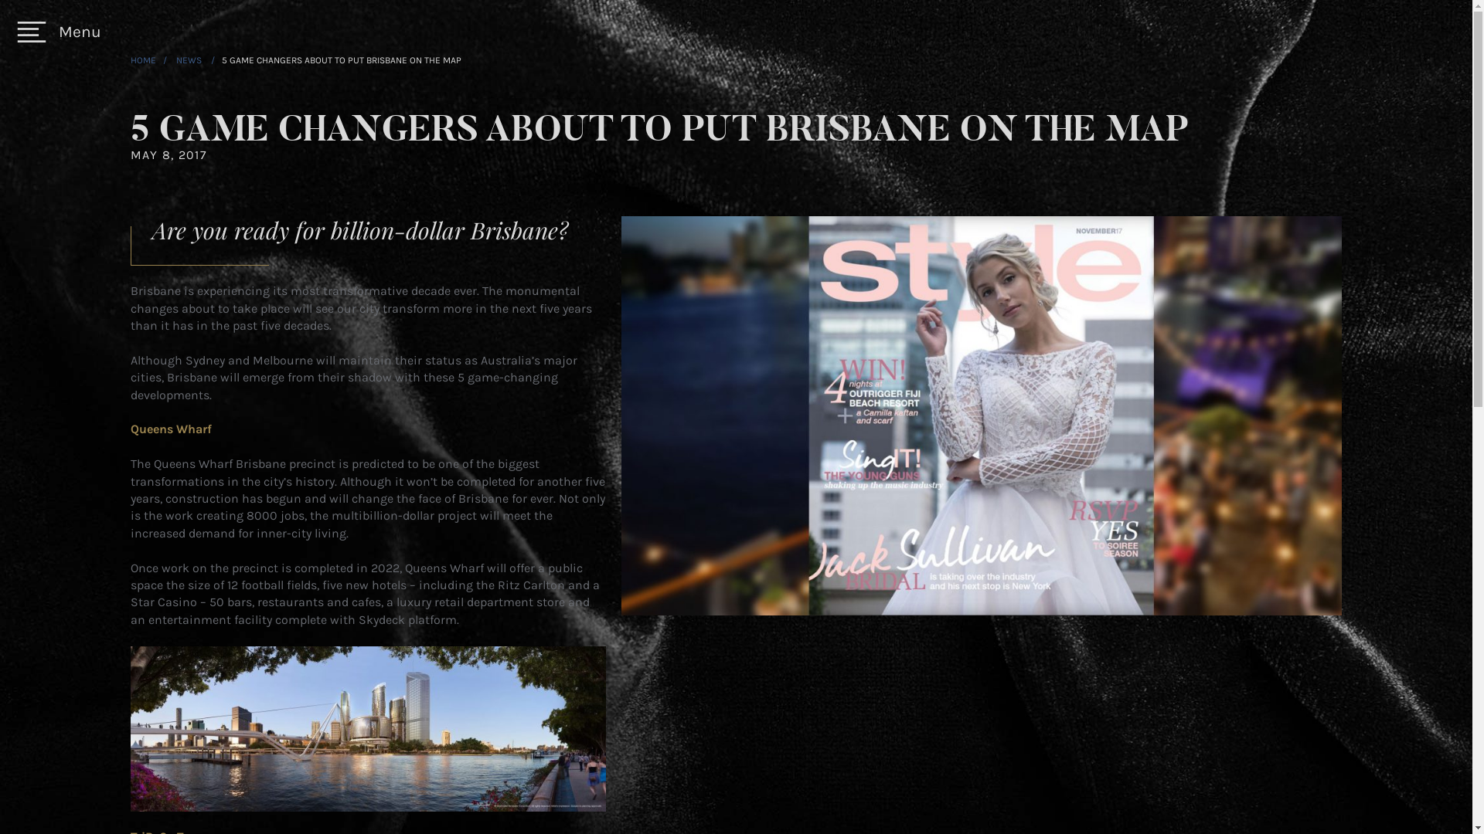 The image size is (1484, 834). I want to click on 'HOME', so click(143, 59).